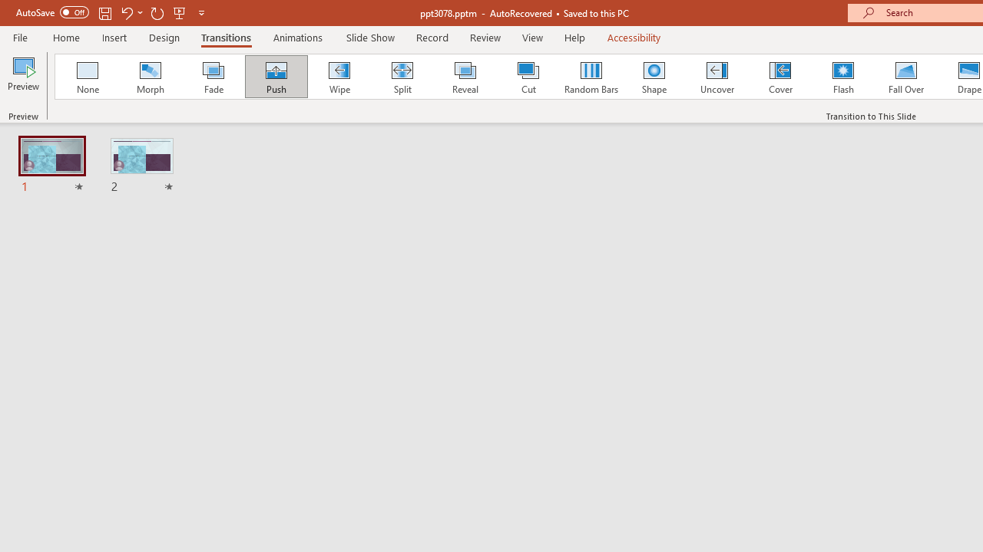  What do you see at coordinates (780, 77) in the screenshot?
I see `'Cover'` at bounding box center [780, 77].